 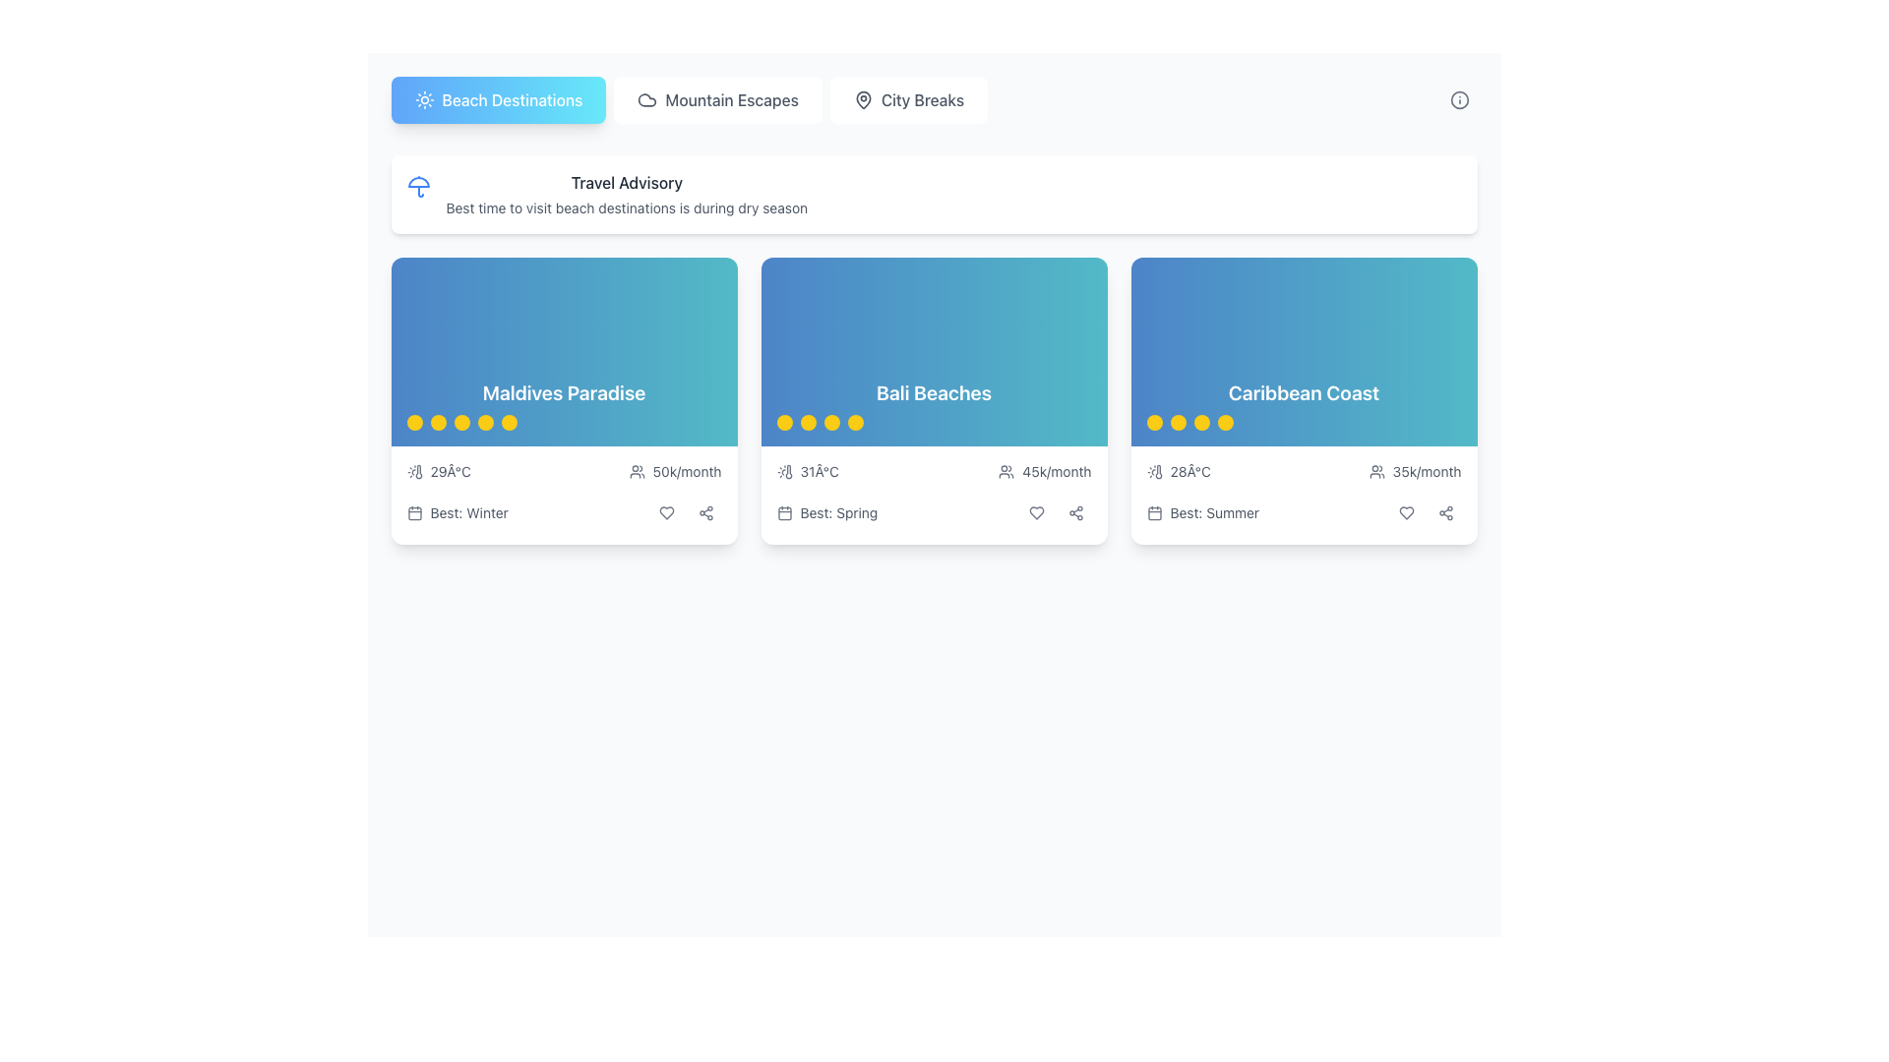 I want to click on the information Text label in the lower section of the first destination card, which indicates the best time of year to visit, located next to a small calendar icon, so click(x=468, y=511).